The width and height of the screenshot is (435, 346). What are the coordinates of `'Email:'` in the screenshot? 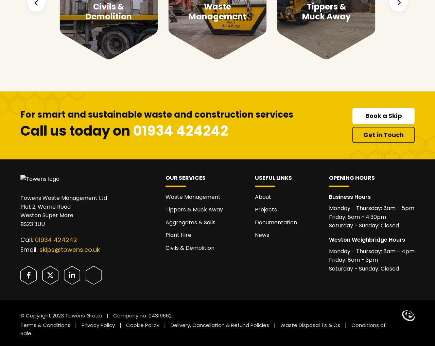 It's located at (30, 249).